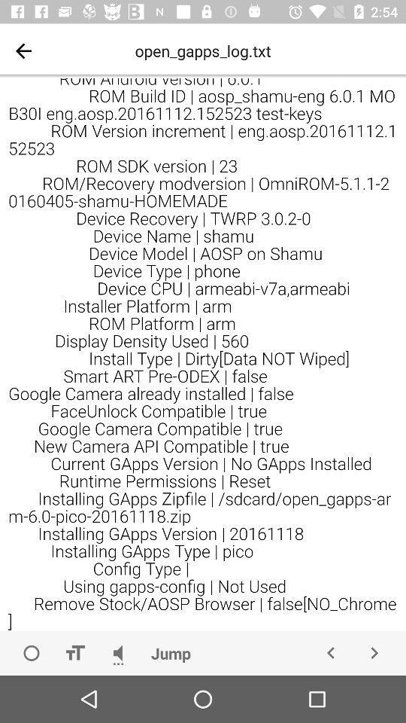 The image size is (406, 723). Describe the element at coordinates (170, 652) in the screenshot. I see `jump icon` at that location.